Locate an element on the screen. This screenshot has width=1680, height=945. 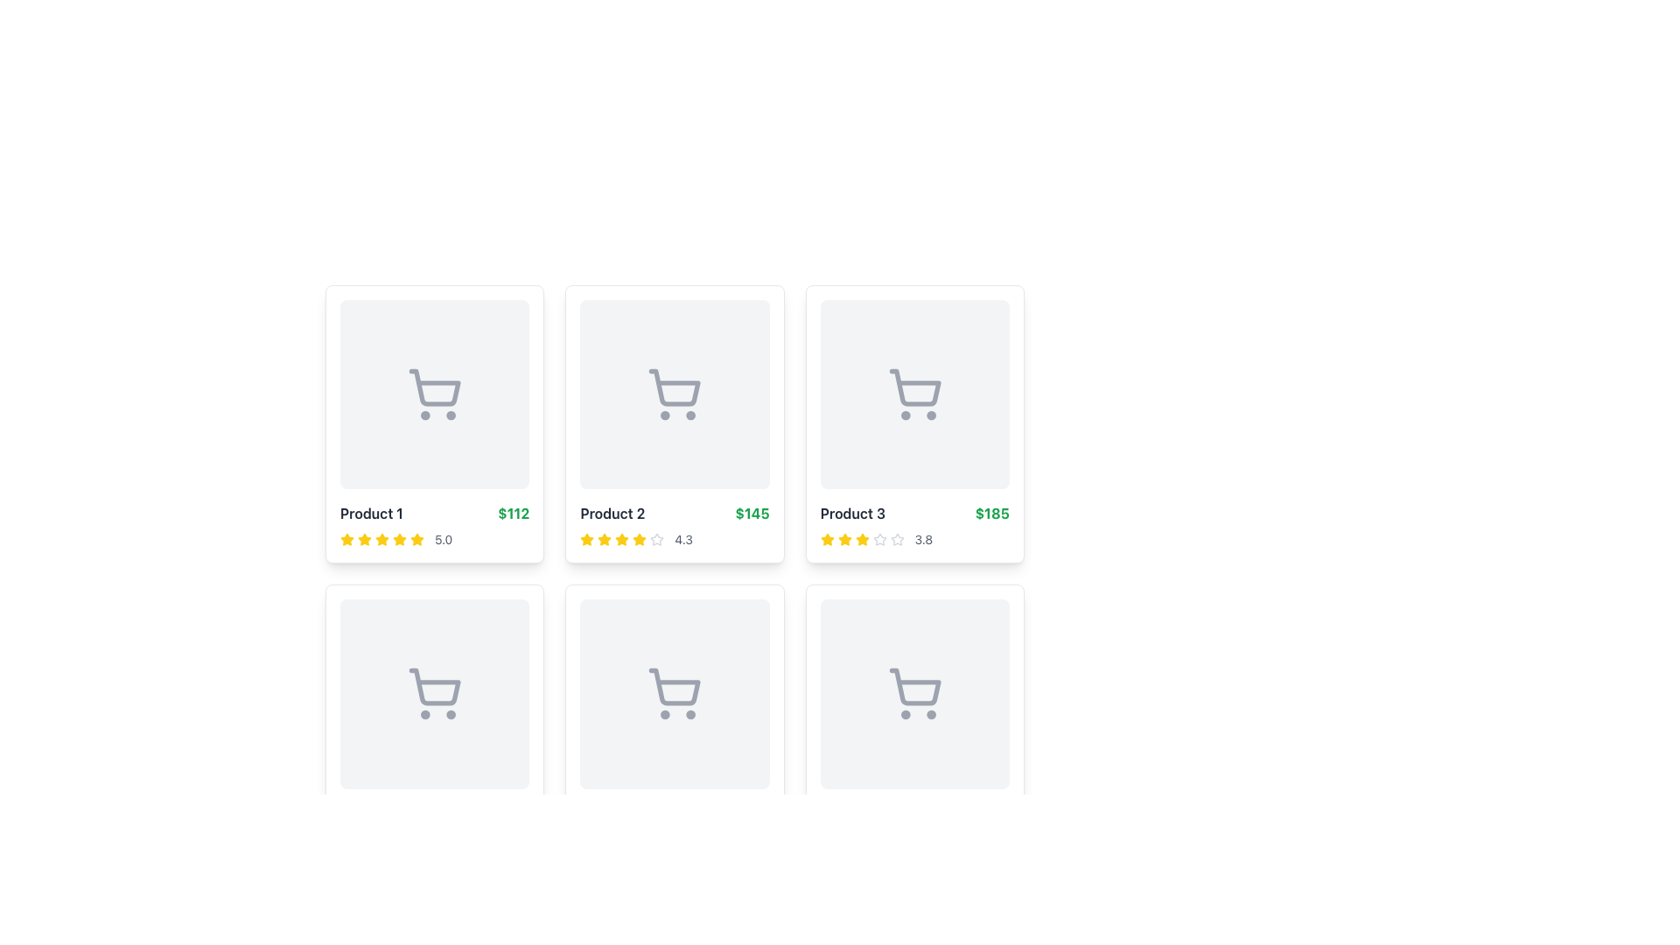
the third star icon representing the rating for 'Product 1', which is indicated by its yellow color for an active state is located at coordinates (364, 539).